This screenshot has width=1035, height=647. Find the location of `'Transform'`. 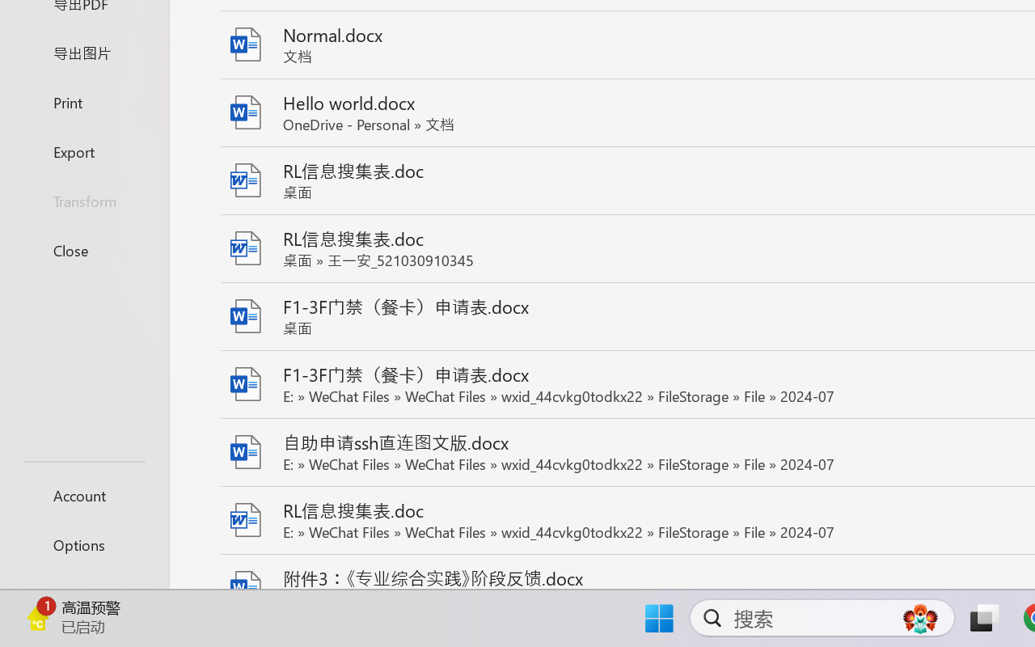

'Transform' is located at coordinates (83, 200).